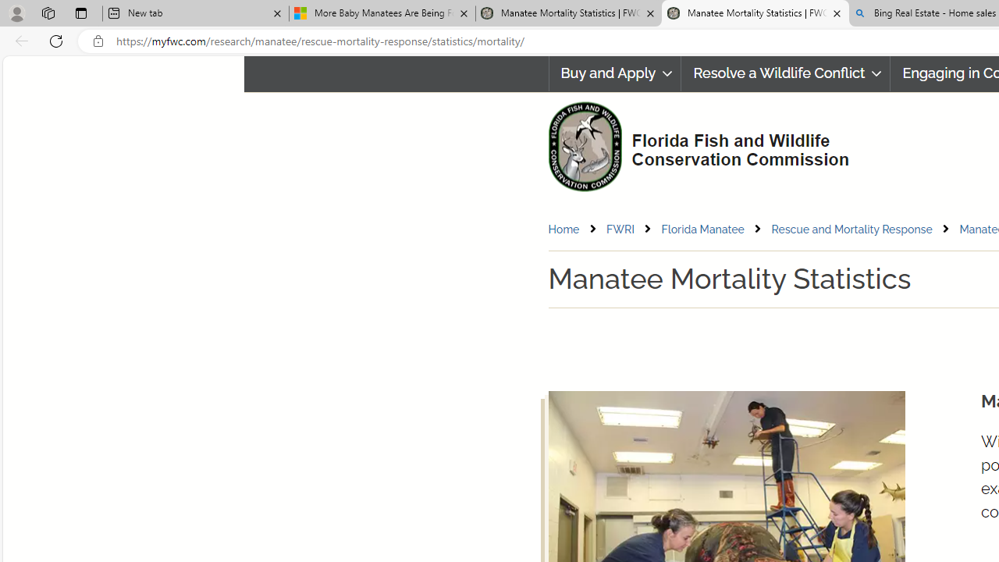 The width and height of the screenshot is (999, 562). What do you see at coordinates (562, 229) in the screenshot?
I see `'Home'` at bounding box center [562, 229].